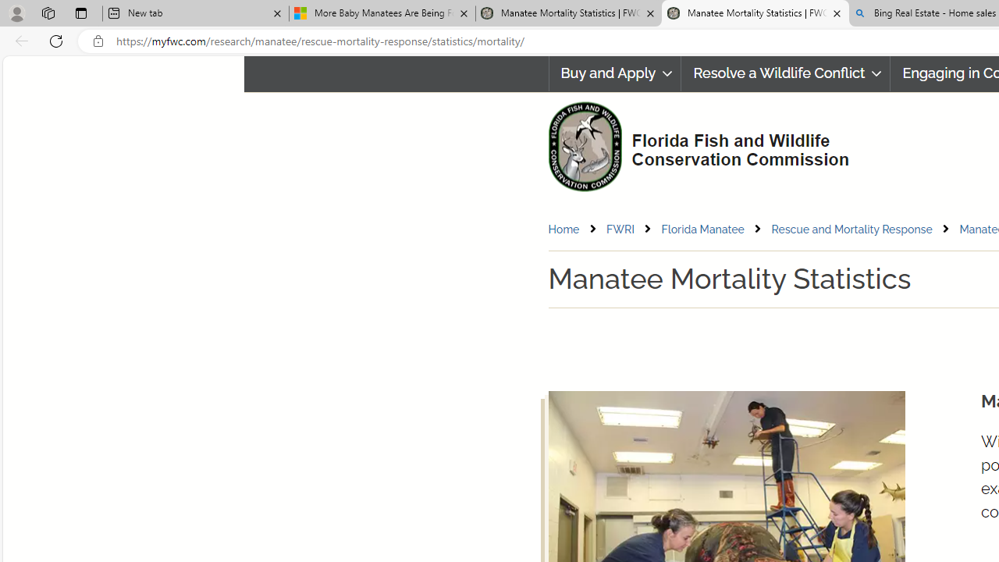 The width and height of the screenshot is (999, 562). What do you see at coordinates (562, 229) in the screenshot?
I see `'Home'` at bounding box center [562, 229].